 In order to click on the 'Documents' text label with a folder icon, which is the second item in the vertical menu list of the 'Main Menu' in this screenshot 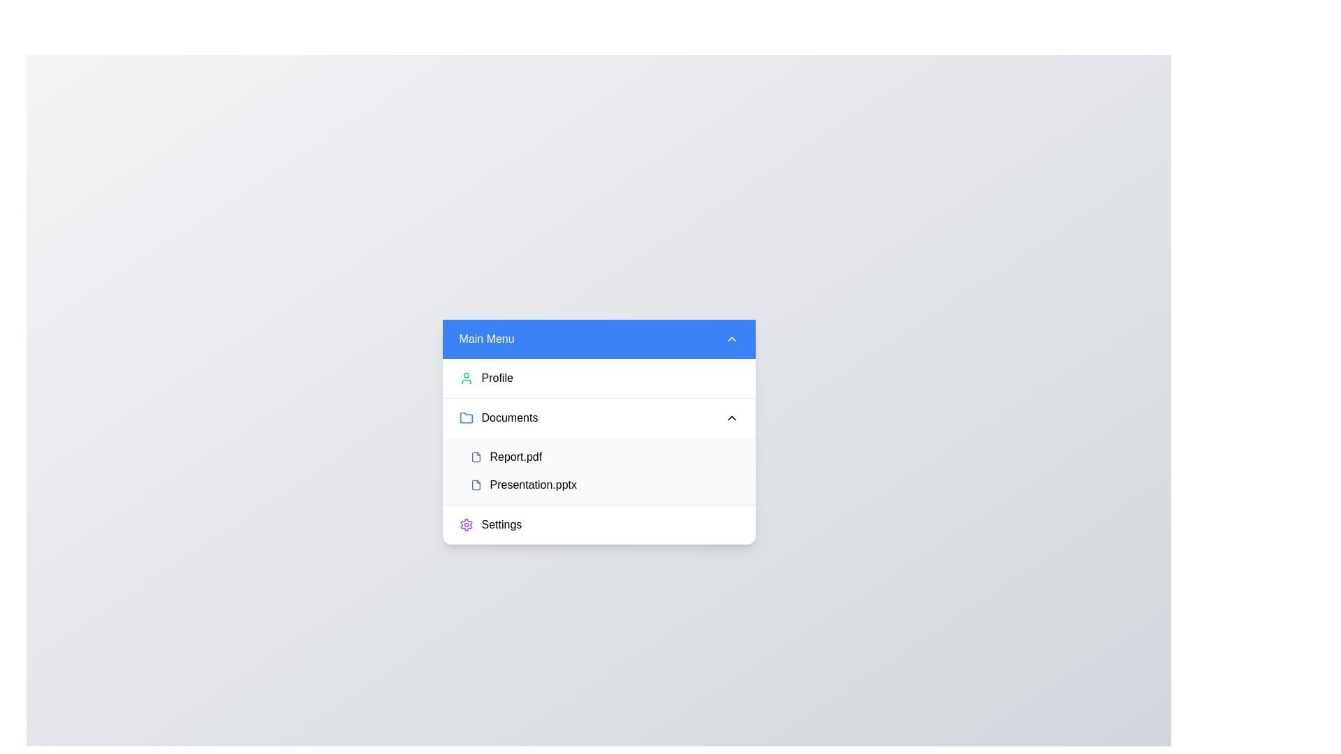, I will do `click(499, 417)`.